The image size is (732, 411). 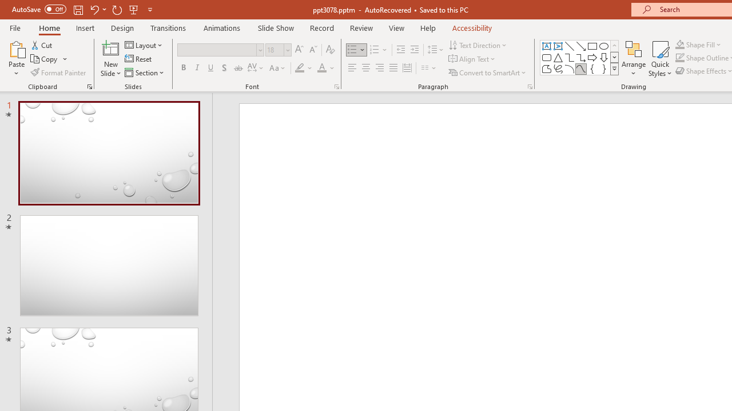 What do you see at coordinates (321, 68) in the screenshot?
I see `'Font Color Red'` at bounding box center [321, 68].